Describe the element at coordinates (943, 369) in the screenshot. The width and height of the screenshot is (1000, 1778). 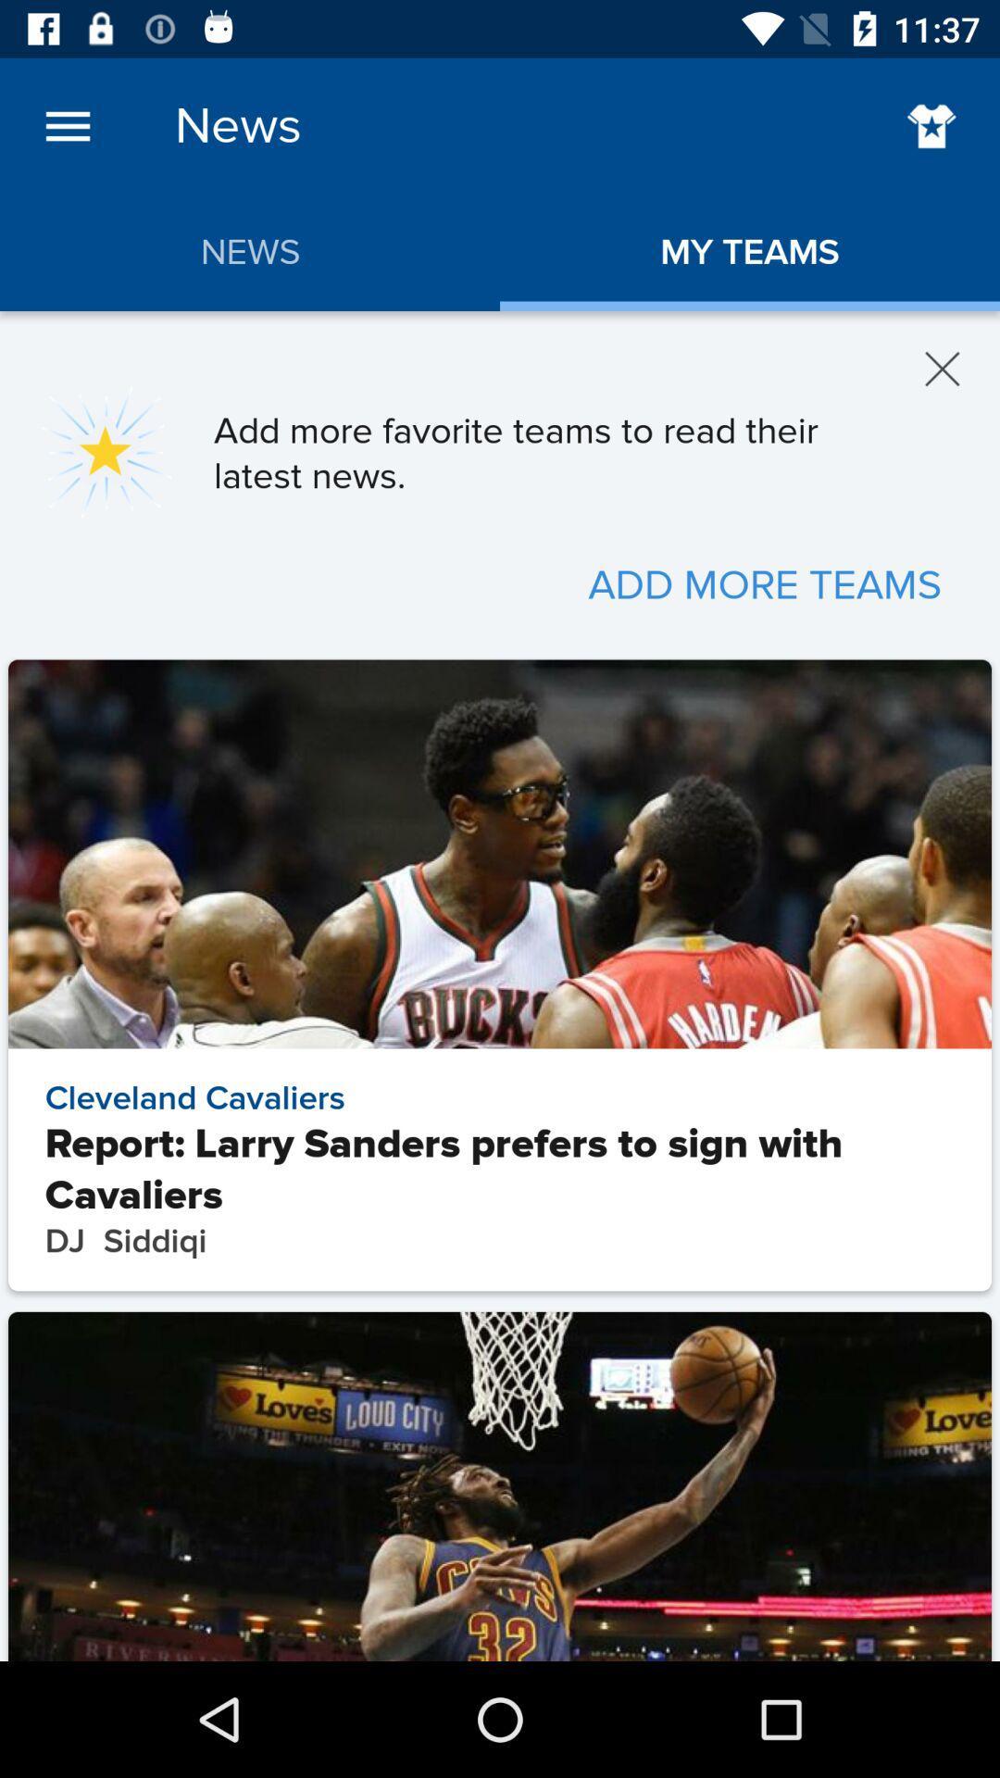
I see `dismiss notification` at that location.